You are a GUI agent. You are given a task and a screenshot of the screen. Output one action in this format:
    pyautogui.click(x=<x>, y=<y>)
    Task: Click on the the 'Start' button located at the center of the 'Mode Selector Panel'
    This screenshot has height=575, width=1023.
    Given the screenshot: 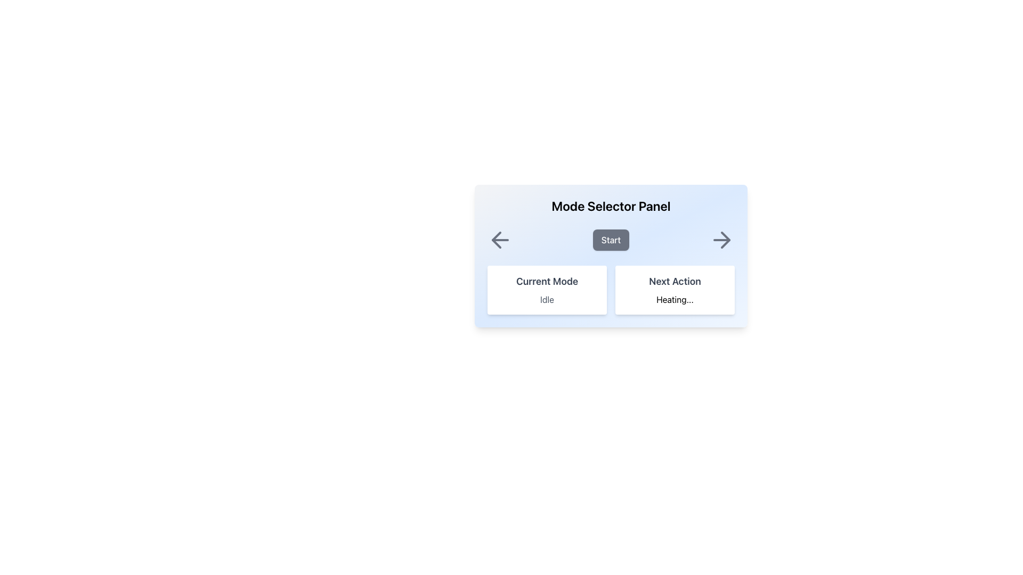 What is the action you would take?
    pyautogui.click(x=611, y=256)
    